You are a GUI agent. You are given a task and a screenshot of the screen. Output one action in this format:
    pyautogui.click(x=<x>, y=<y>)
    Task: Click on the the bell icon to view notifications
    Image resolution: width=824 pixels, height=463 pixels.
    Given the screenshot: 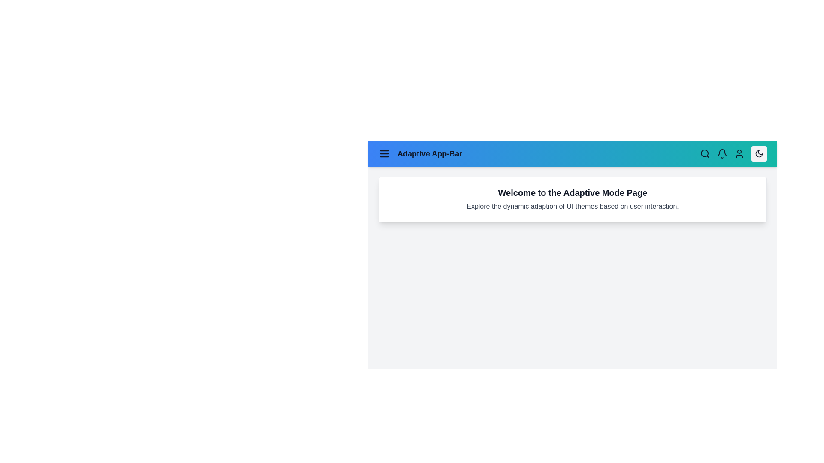 What is the action you would take?
    pyautogui.click(x=722, y=153)
    